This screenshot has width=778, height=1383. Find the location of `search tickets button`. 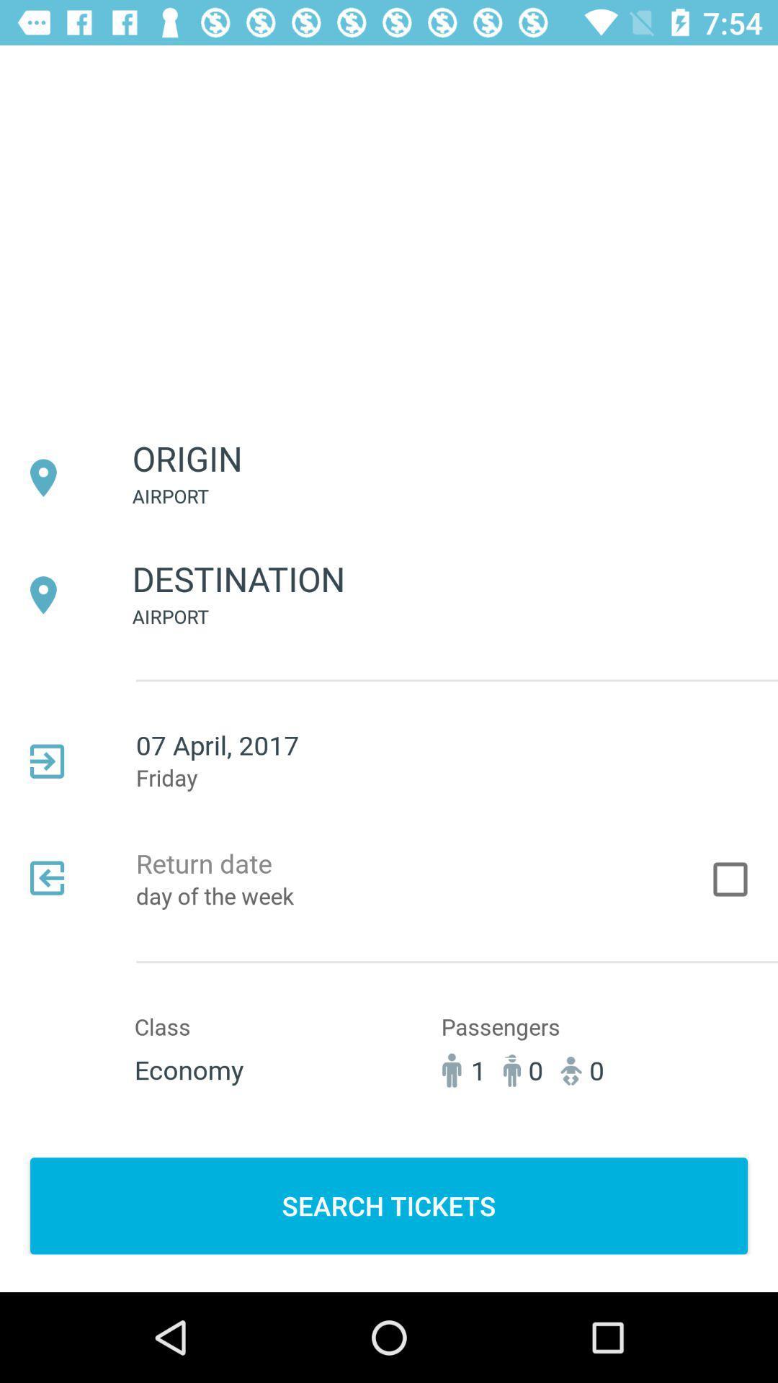

search tickets button is located at coordinates (389, 1206).